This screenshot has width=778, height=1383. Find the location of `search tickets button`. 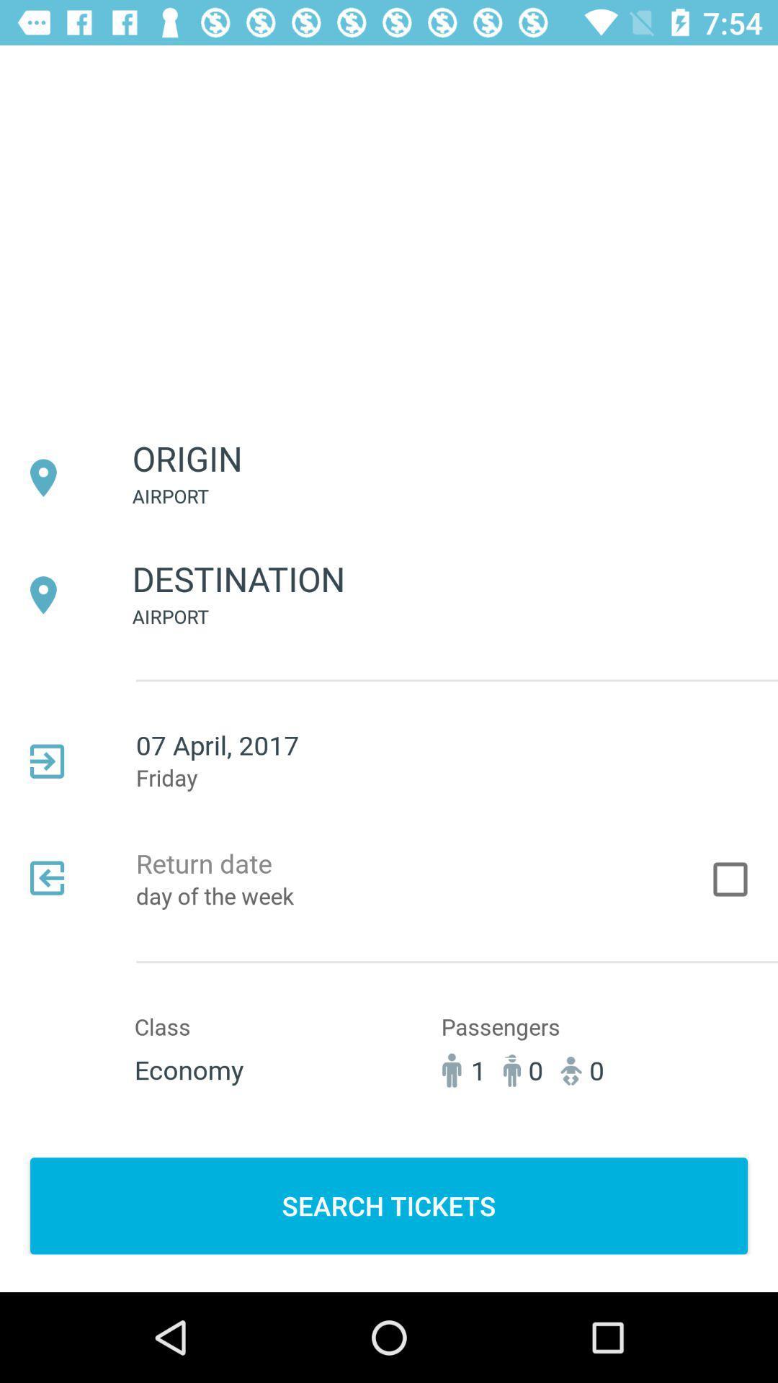

search tickets button is located at coordinates (389, 1206).